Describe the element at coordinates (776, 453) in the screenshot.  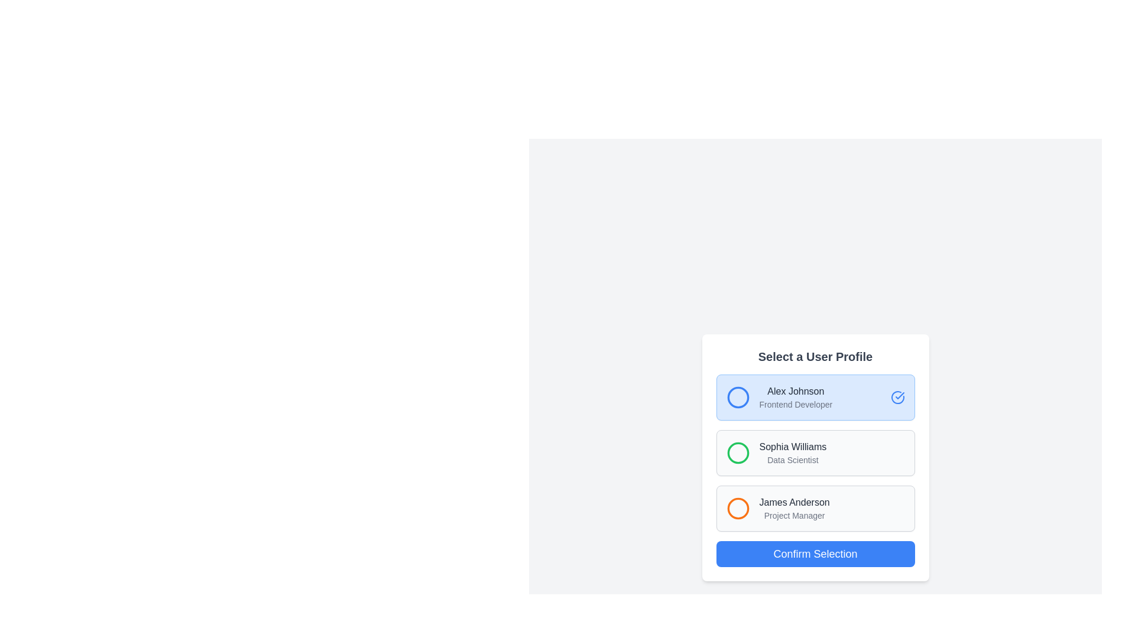
I see `information displayed for the user profile entry of 'Sophia Williams', which includes her name and job title 'Data Scientist', located in the second profile entry of the selectable user profiles list` at that location.